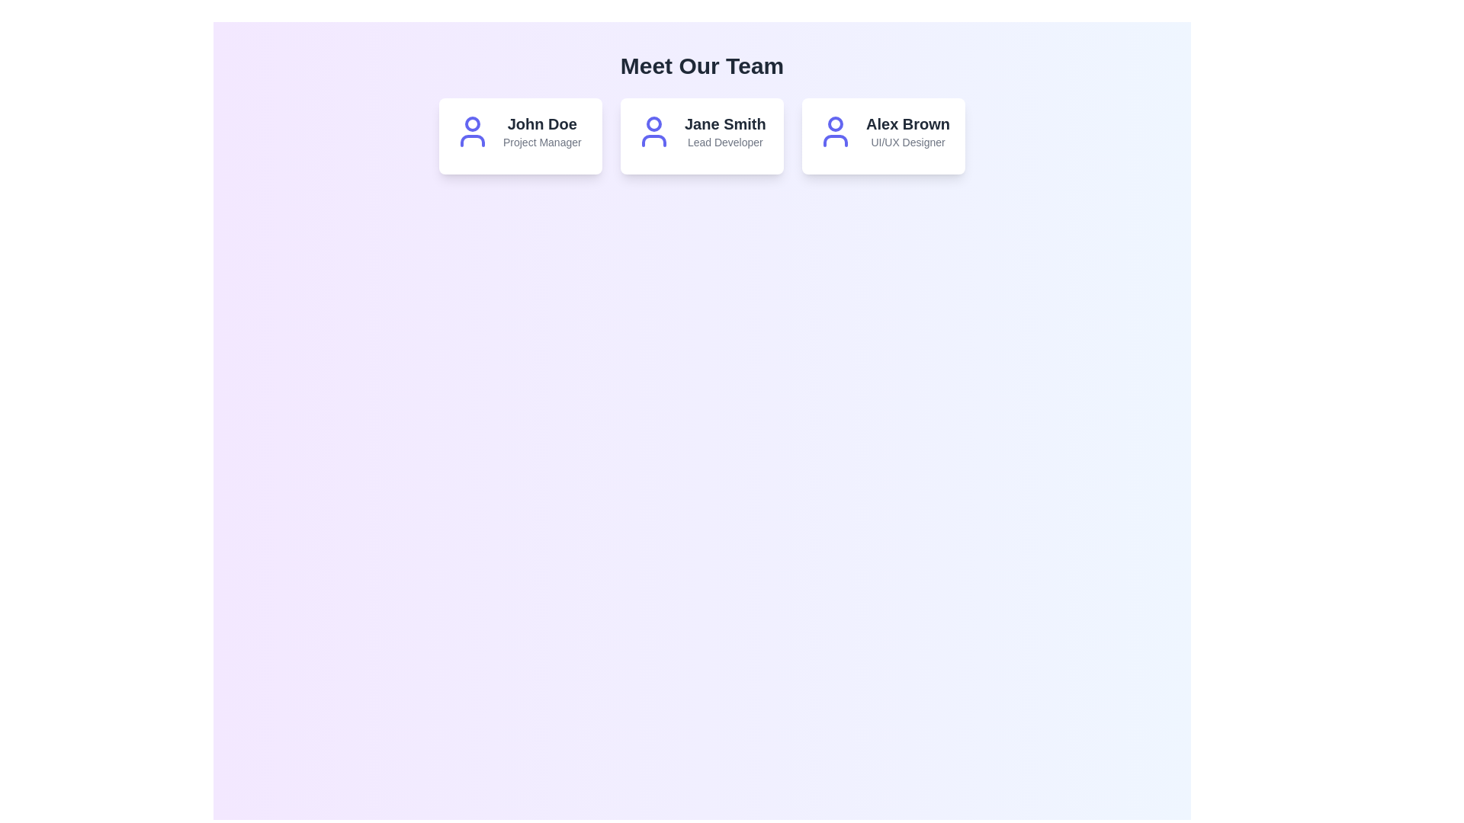 This screenshot has width=1464, height=823. What do you see at coordinates (654, 131) in the screenshot?
I see `the Profile icon for team member 'Jane Smith'` at bounding box center [654, 131].